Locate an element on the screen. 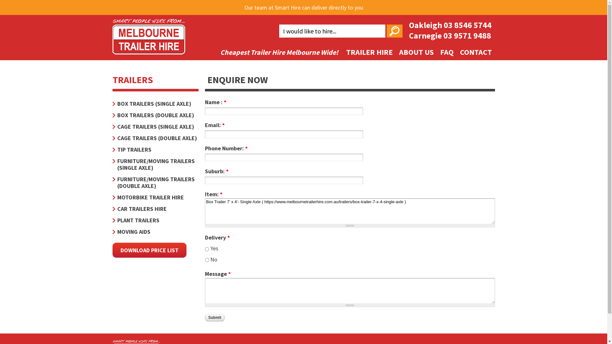 Image resolution: width=612 pixels, height=344 pixels. 'BOX TRAILERS (DOUBLE AXLE)' is located at coordinates (155, 115).